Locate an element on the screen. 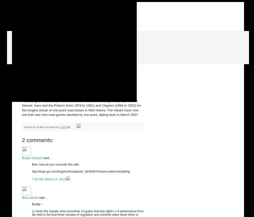 Image resolution: width=254 pixels, height=217 pixels. 'According to the Elias Sports Bureau, the Hawks, after tonight's 118-117 loss at Denver, have tied the Pistons (from 1978 to 1981) and Clippers (1994 to 2002) for the longest streak of one-point road losses in NBA history. The Hawks have now lost their last nine road games decided by one point, dating back to March 2007.' is located at coordinates (22, 107).